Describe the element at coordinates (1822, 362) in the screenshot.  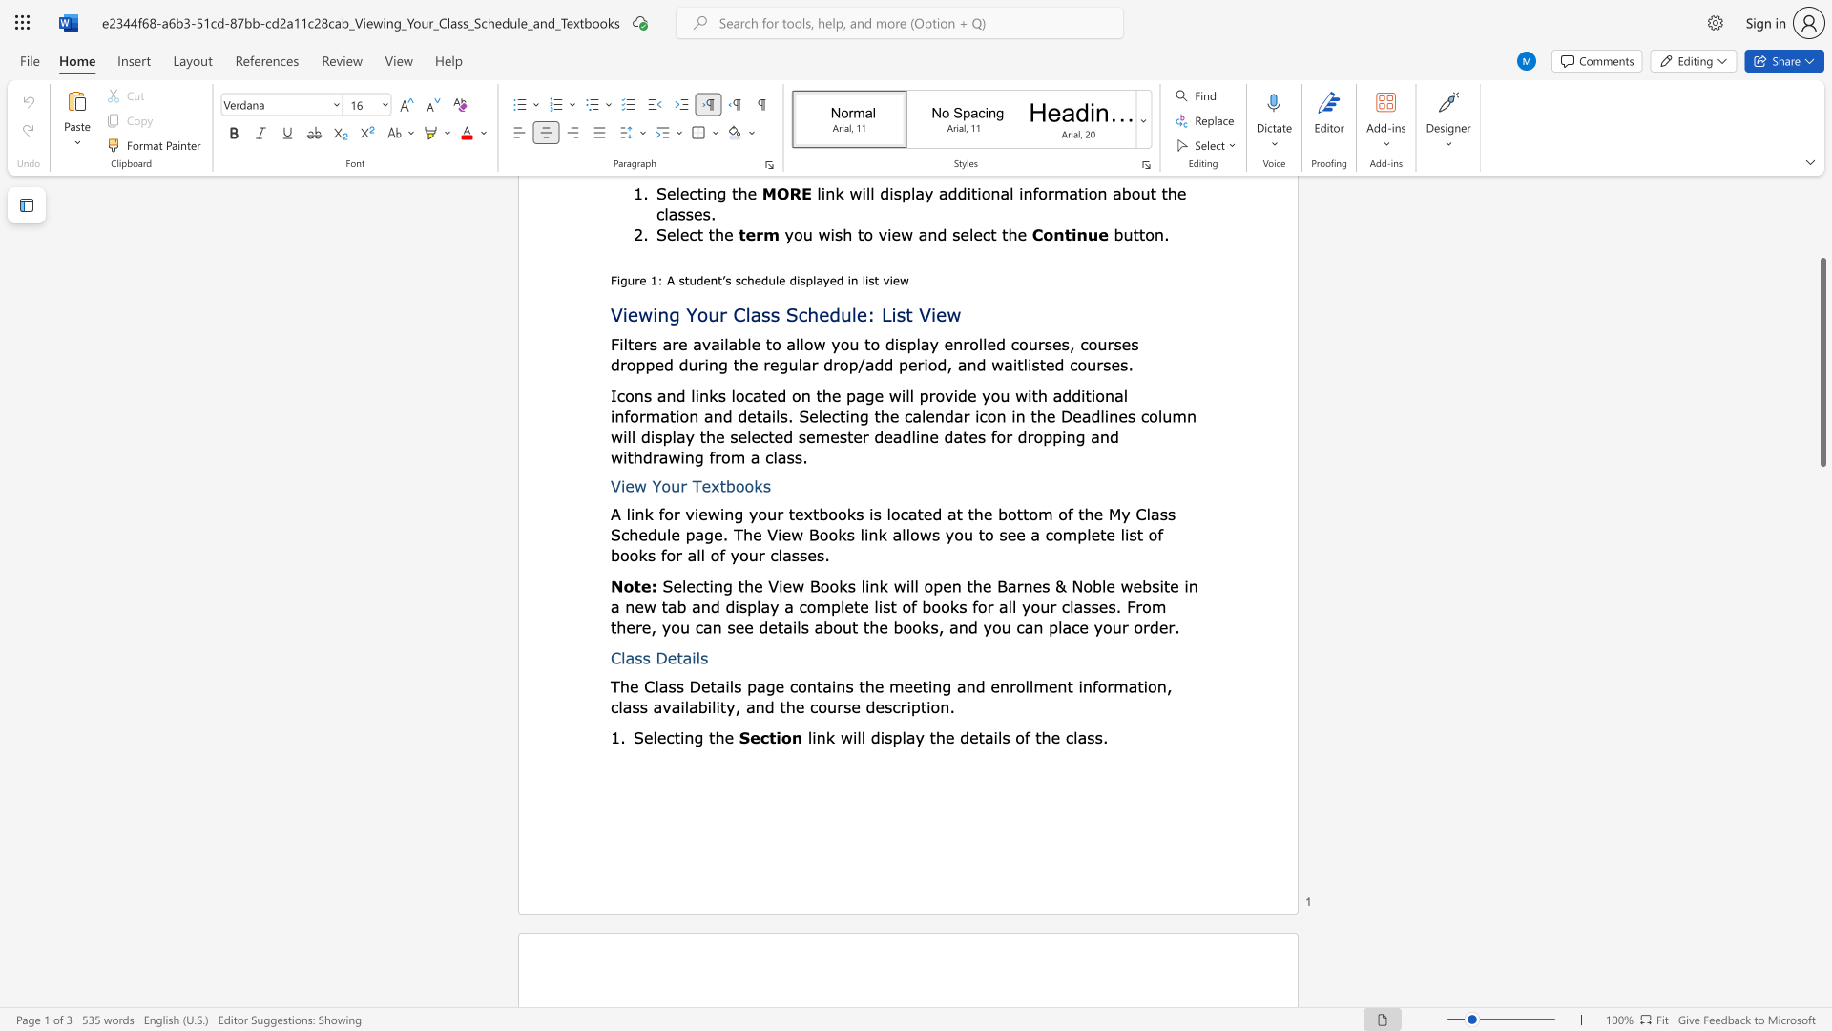
I see `the scrollbar and move down 1790 pixels` at that location.